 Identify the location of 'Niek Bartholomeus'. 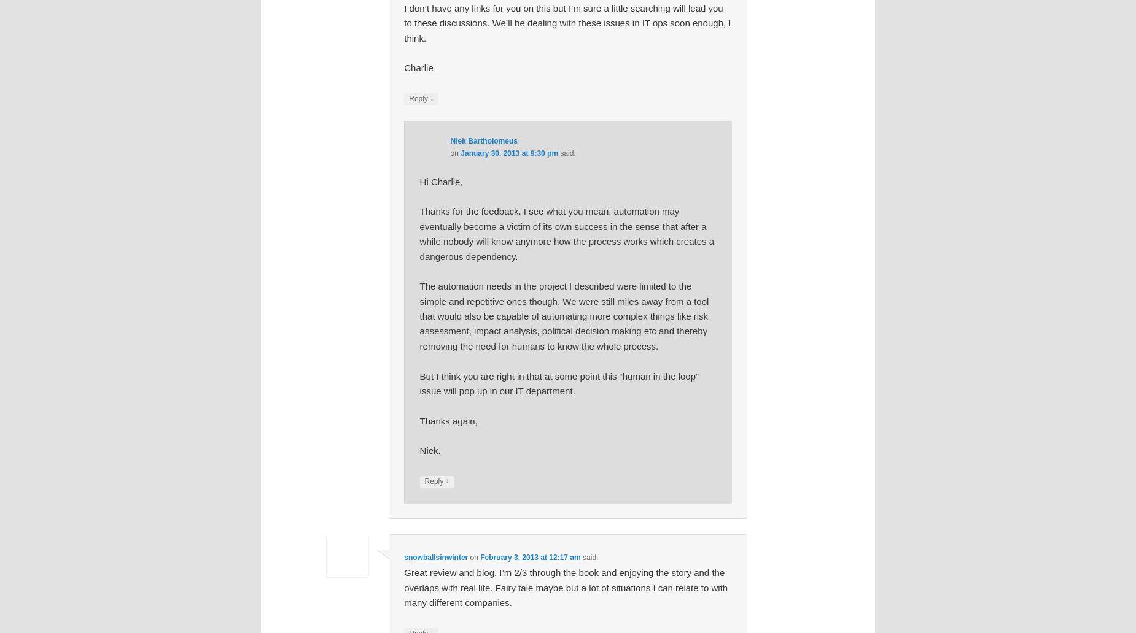
(483, 140).